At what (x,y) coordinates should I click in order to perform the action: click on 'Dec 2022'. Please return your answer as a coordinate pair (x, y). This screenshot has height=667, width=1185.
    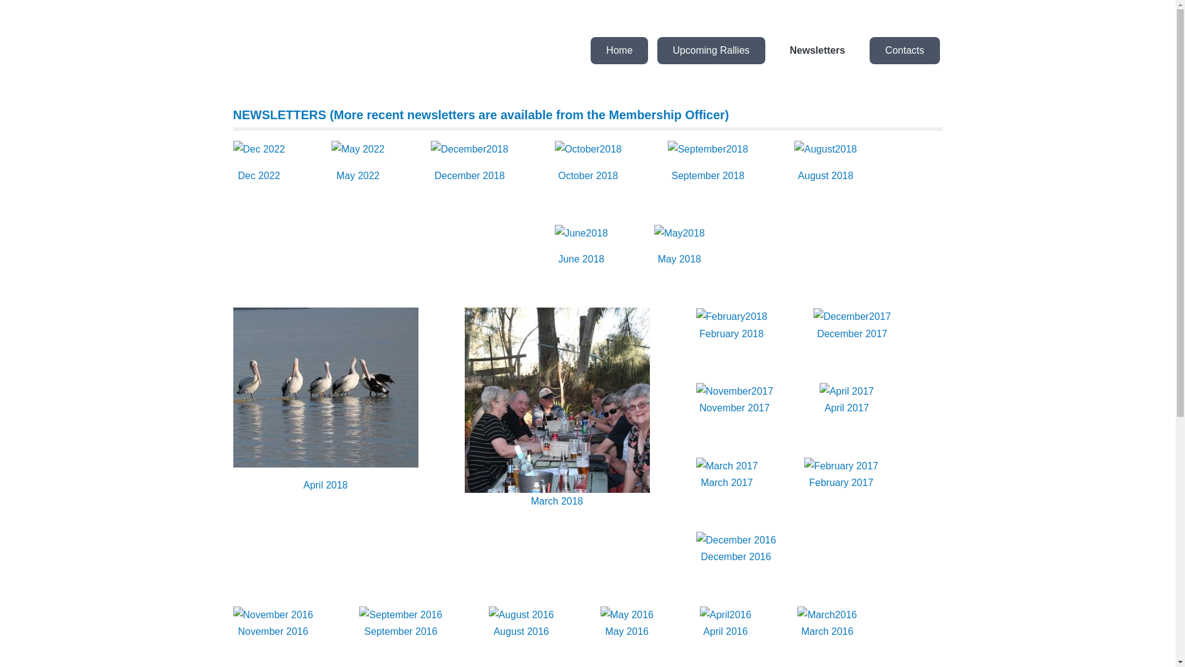
    Looking at the image, I should click on (259, 175).